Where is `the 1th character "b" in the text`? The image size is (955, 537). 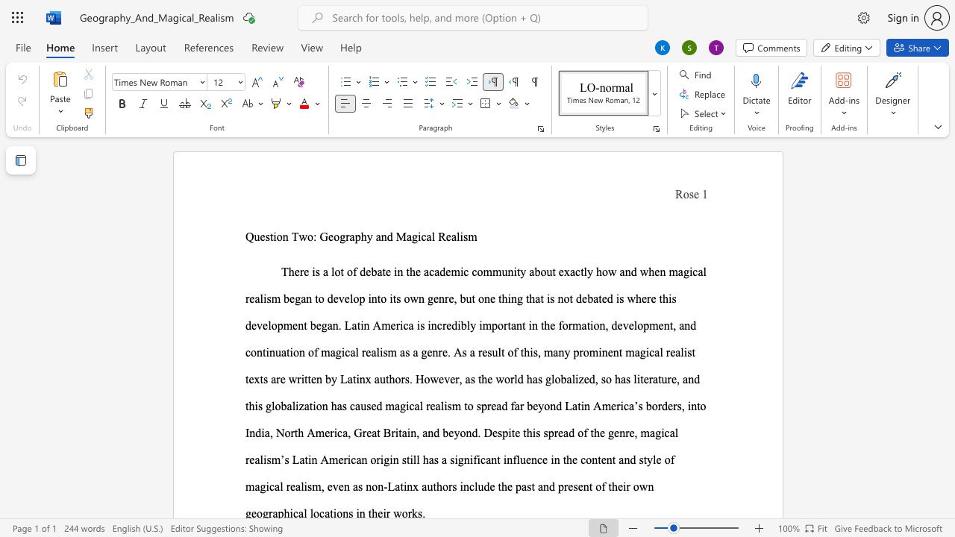 the 1th character "b" in the text is located at coordinates (374, 271).